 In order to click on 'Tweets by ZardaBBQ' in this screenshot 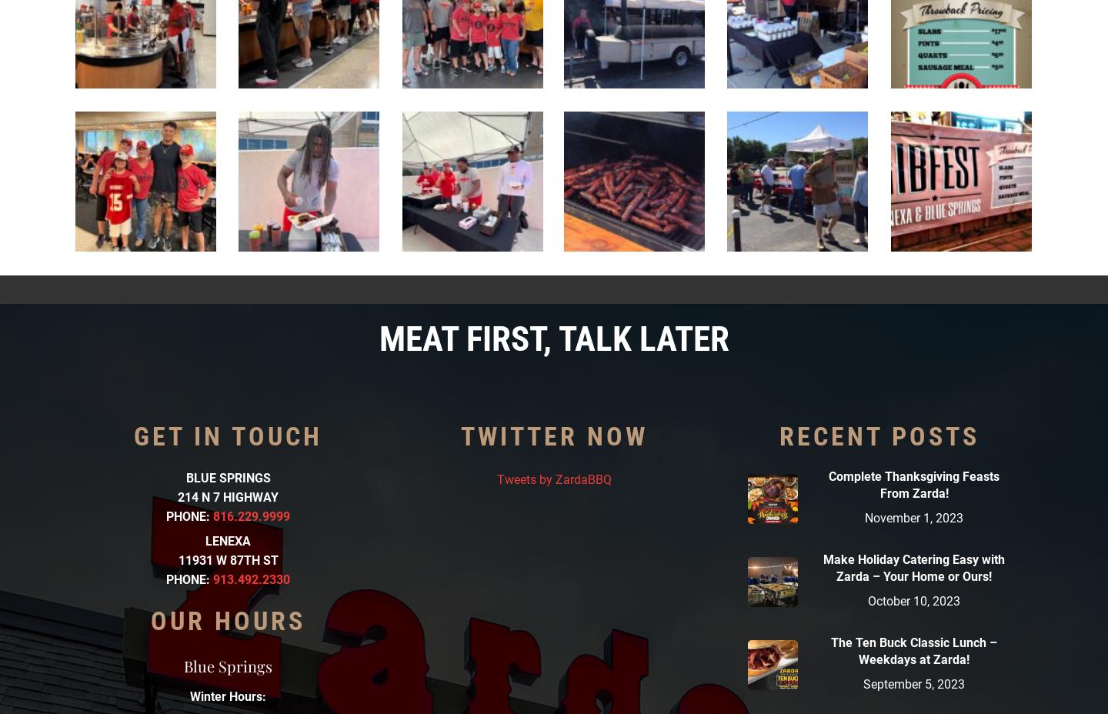, I will do `click(553, 479)`.